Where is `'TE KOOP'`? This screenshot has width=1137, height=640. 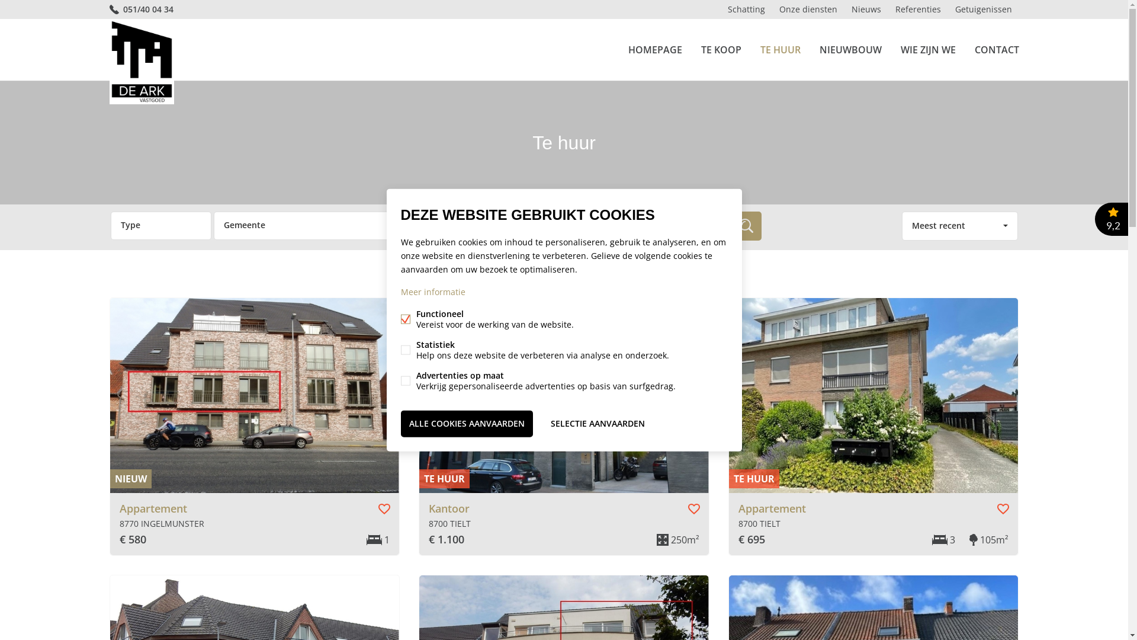 'TE KOOP' is located at coordinates (721, 49).